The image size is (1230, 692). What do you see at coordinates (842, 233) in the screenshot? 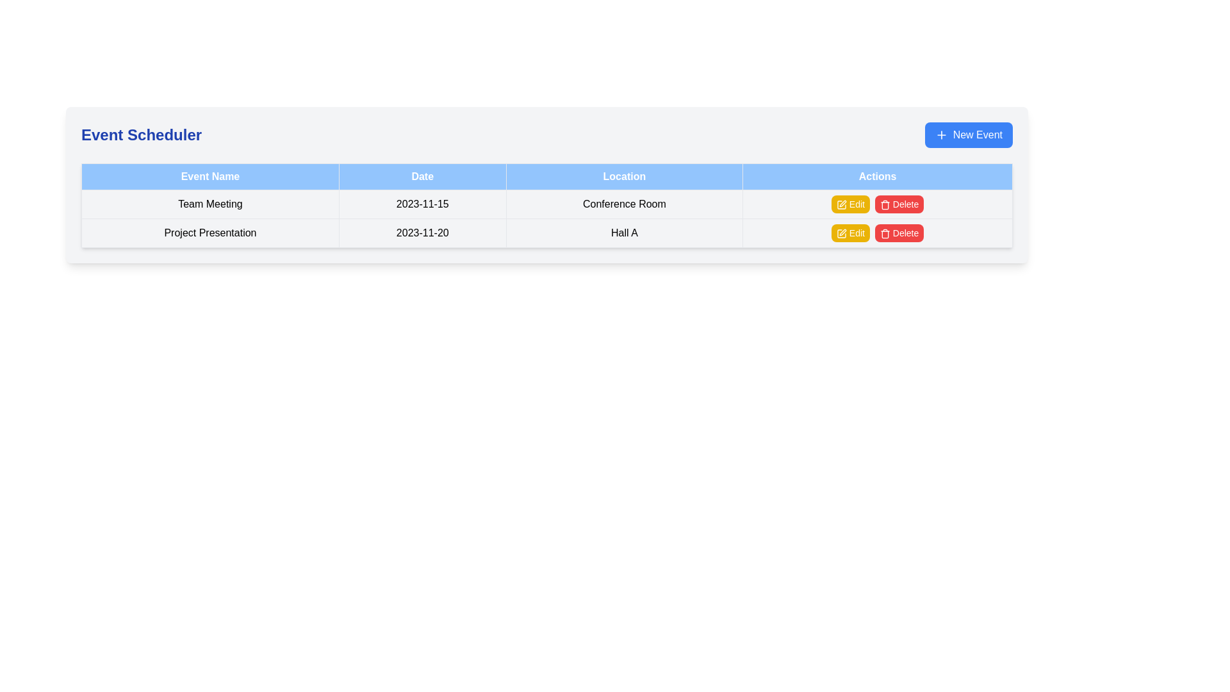
I see `the icon button in the 'Actions' column of the table next to the 'Project Presentation' event to initiate the edit action` at bounding box center [842, 233].